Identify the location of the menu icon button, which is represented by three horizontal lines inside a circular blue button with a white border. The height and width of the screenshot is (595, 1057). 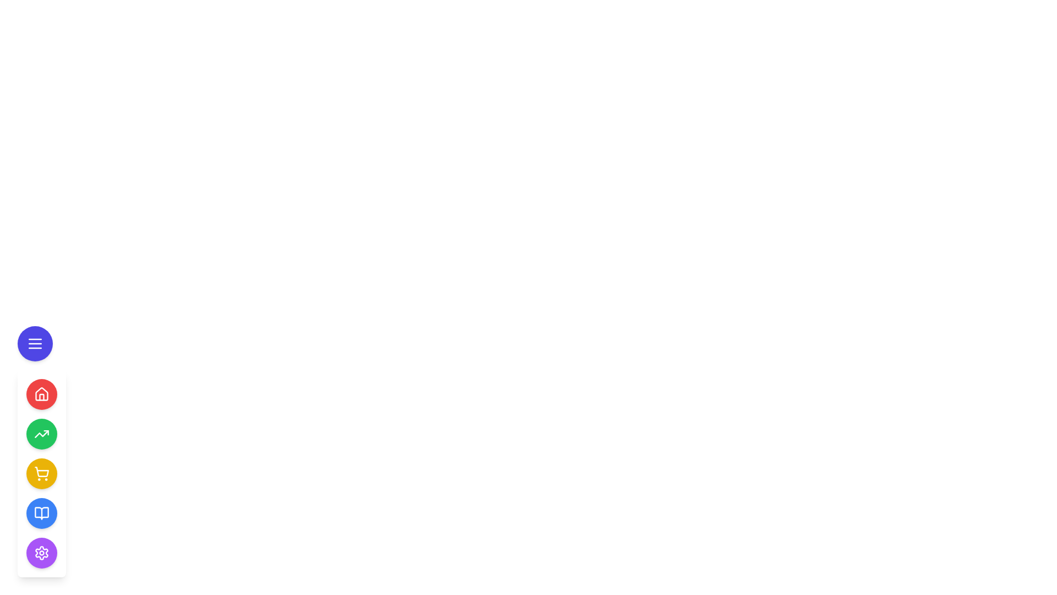
(35, 343).